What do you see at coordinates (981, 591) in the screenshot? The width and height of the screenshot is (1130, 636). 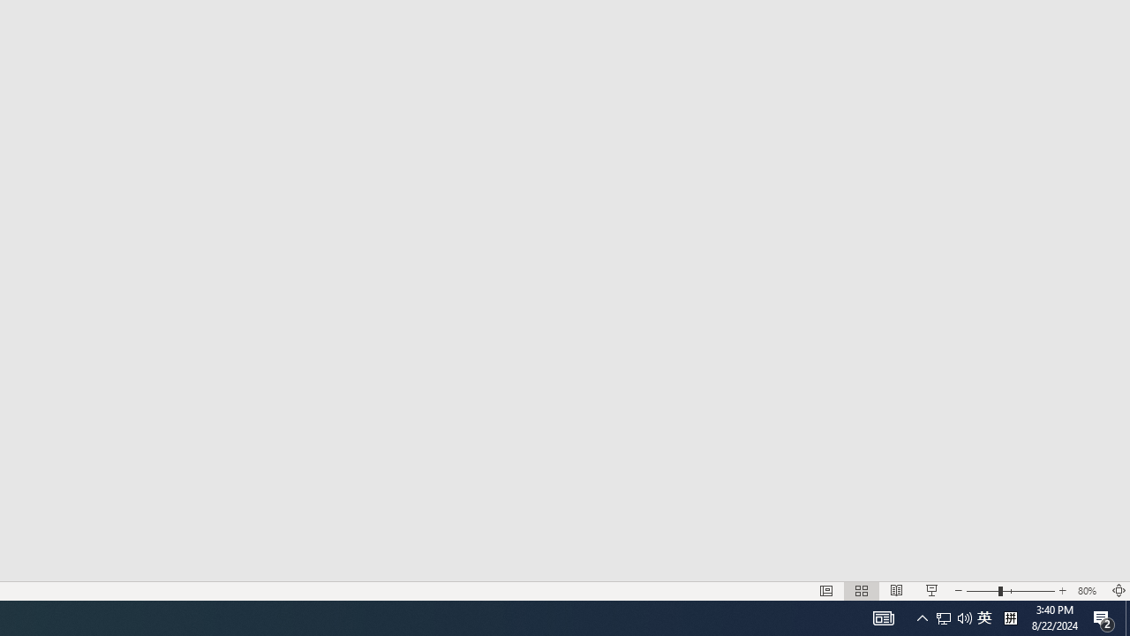 I see `'Tray Input Indicator - Chinese (Simplified, China)'` at bounding box center [981, 591].